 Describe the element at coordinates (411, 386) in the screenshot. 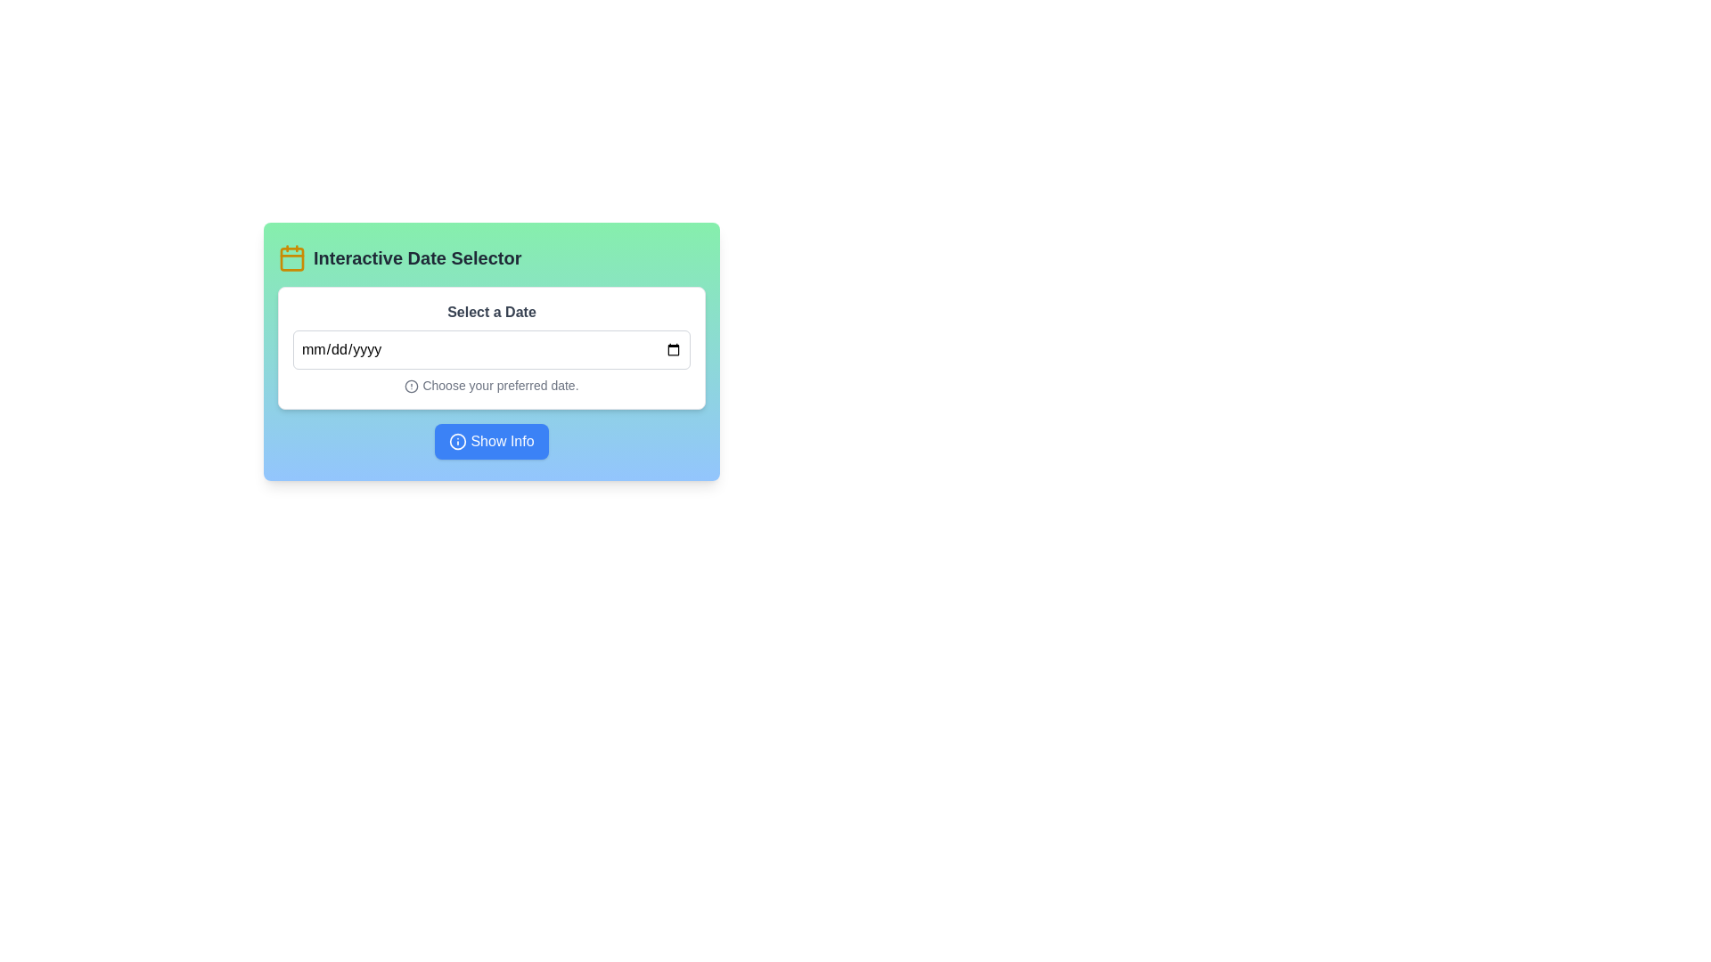

I see `the alert icon located above the text label, which serves as a visual indicator` at that location.